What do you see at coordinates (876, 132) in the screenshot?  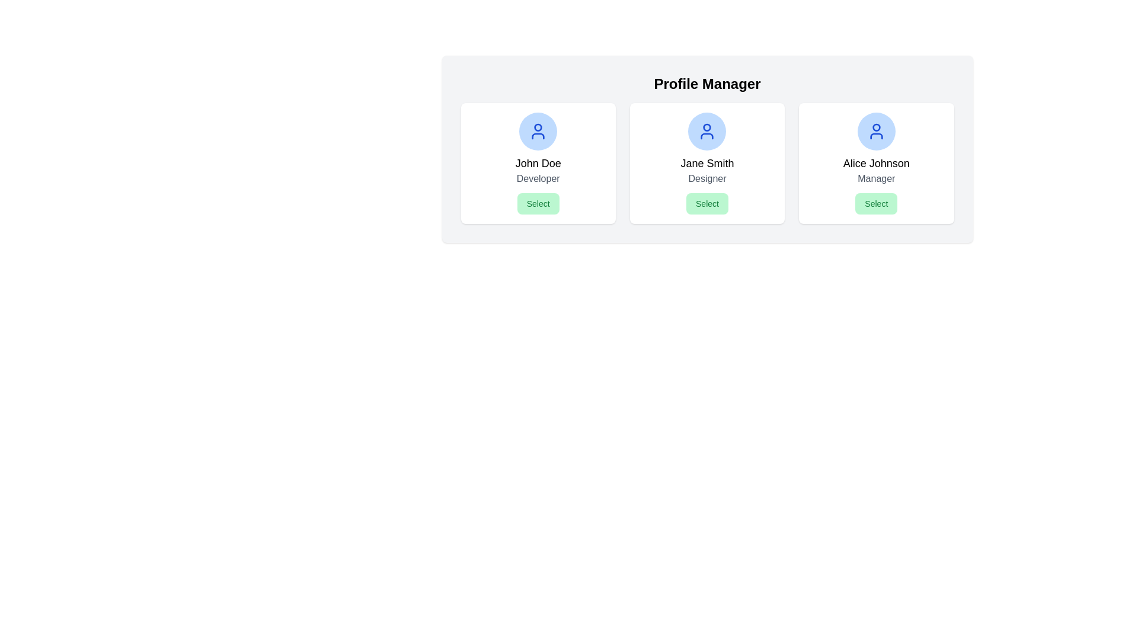 I see `the circular blue icon featuring a user silhouette at the top center of Alice Johnson's card` at bounding box center [876, 132].